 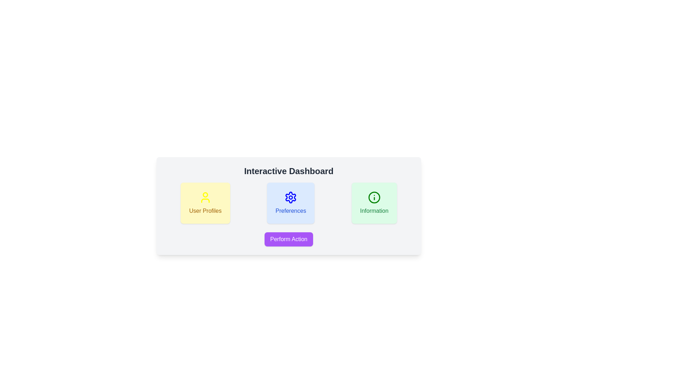 What do you see at coordinates (205, 201) in the screenshot?
I see `the yellow square tile labeled 'User Profiles' that contains the user profile icon` at bounding box center [205, 201].